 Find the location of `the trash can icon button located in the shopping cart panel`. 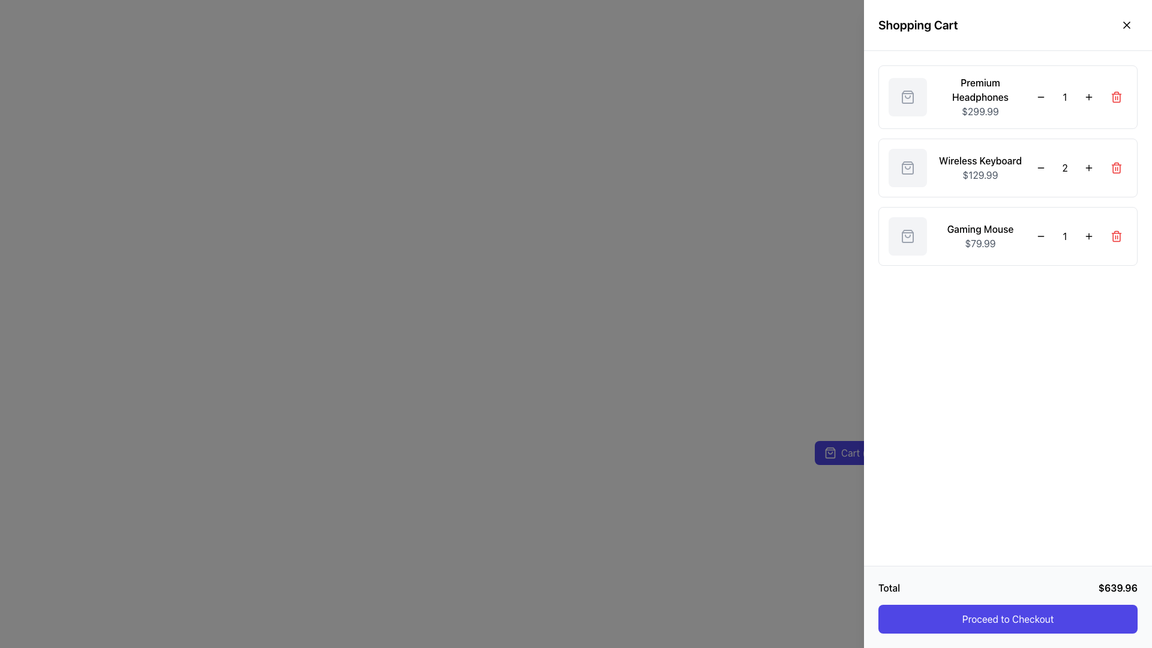

the trash can icon button located in the shopping cart panel is located at coordinates (1116, 97).